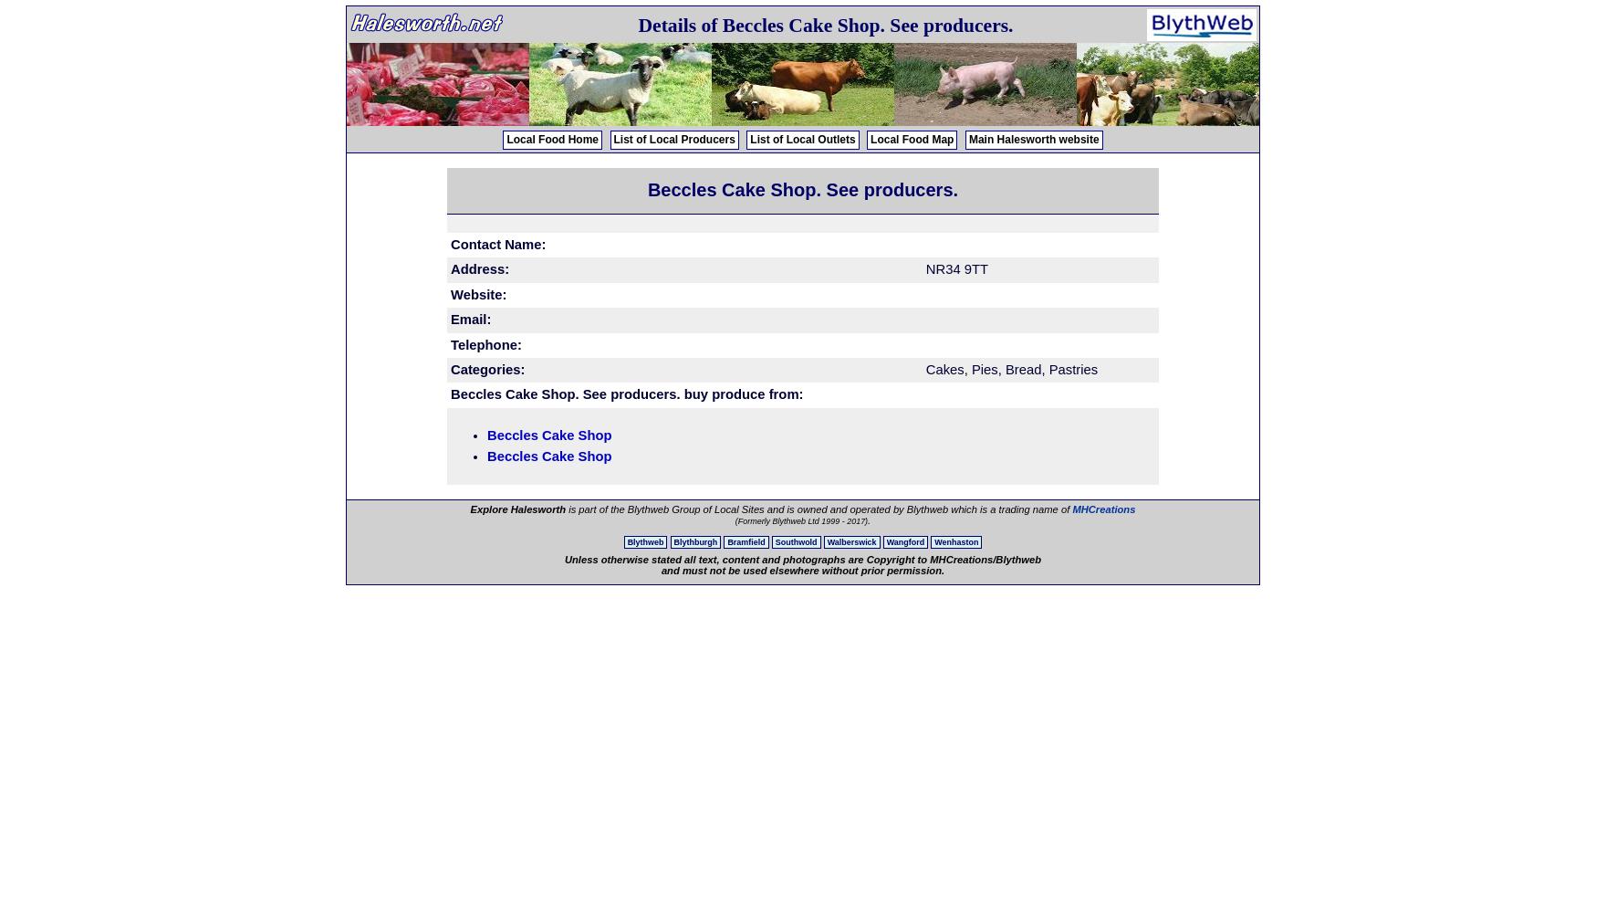 This screenshot has height=913, width=1606. Describe the element at coordinates (819, 509) in the screenshot. I see `'is part of the Blythweb Group of Local Sites and is owned and operated by Blythweb which is
a trading name of'` at that location.